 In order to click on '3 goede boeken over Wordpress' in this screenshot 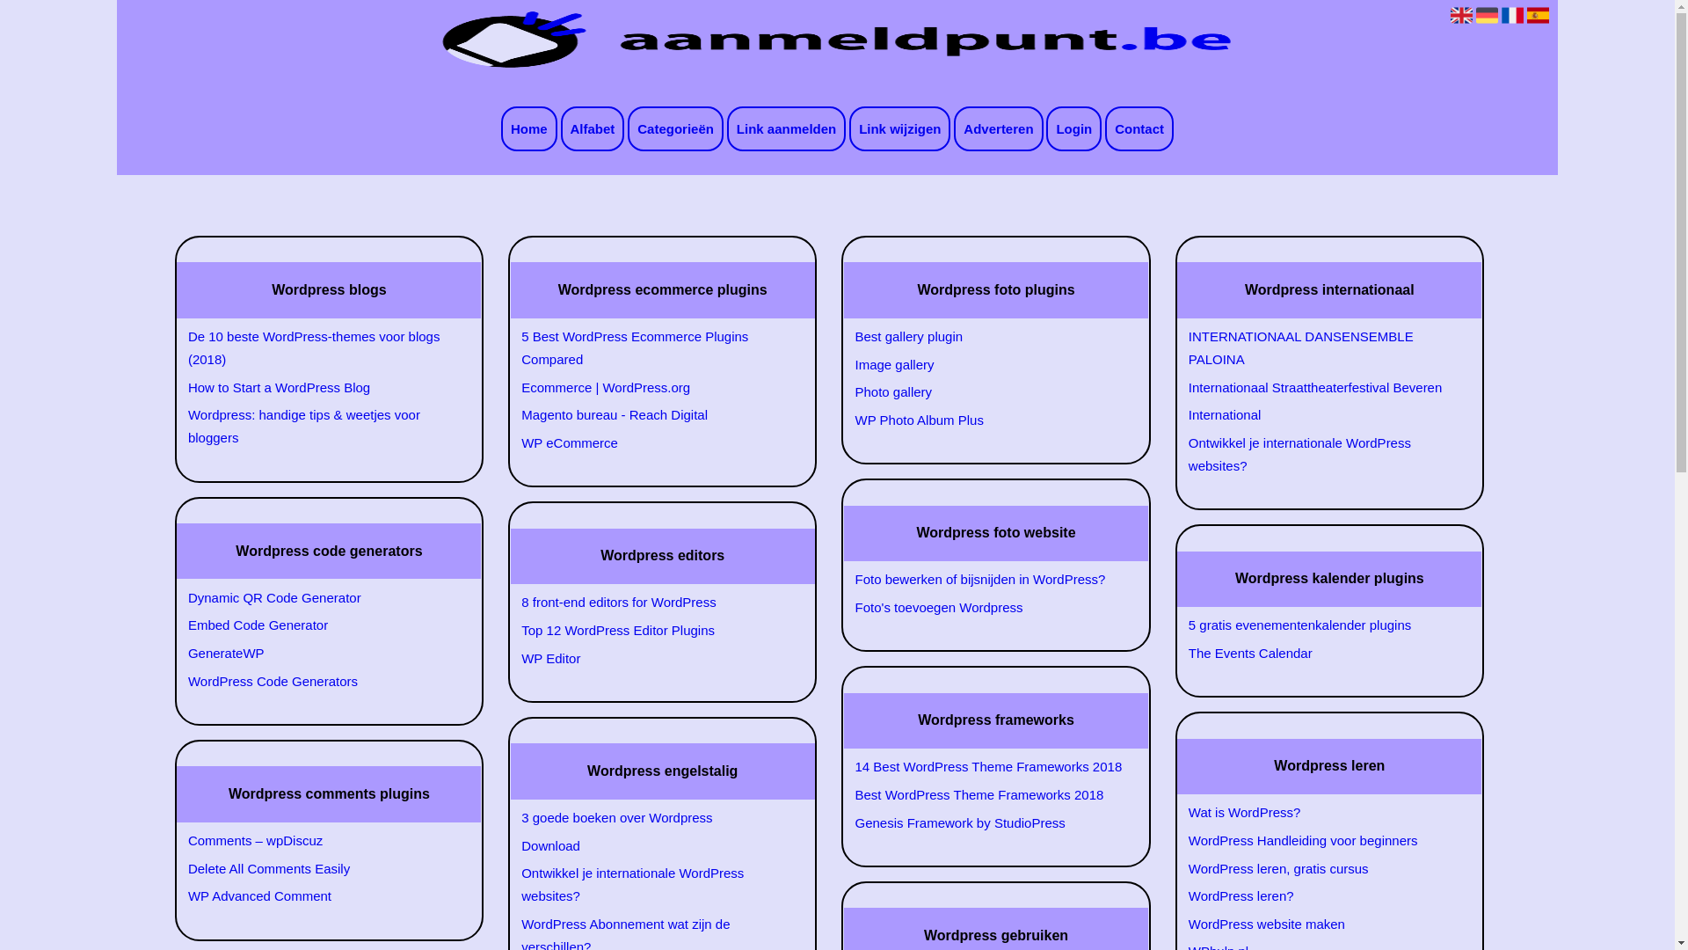, I will do `click(511, 817)`.